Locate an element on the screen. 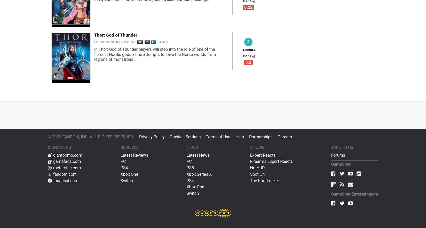  'DS' is located at coordinates (146, 42).